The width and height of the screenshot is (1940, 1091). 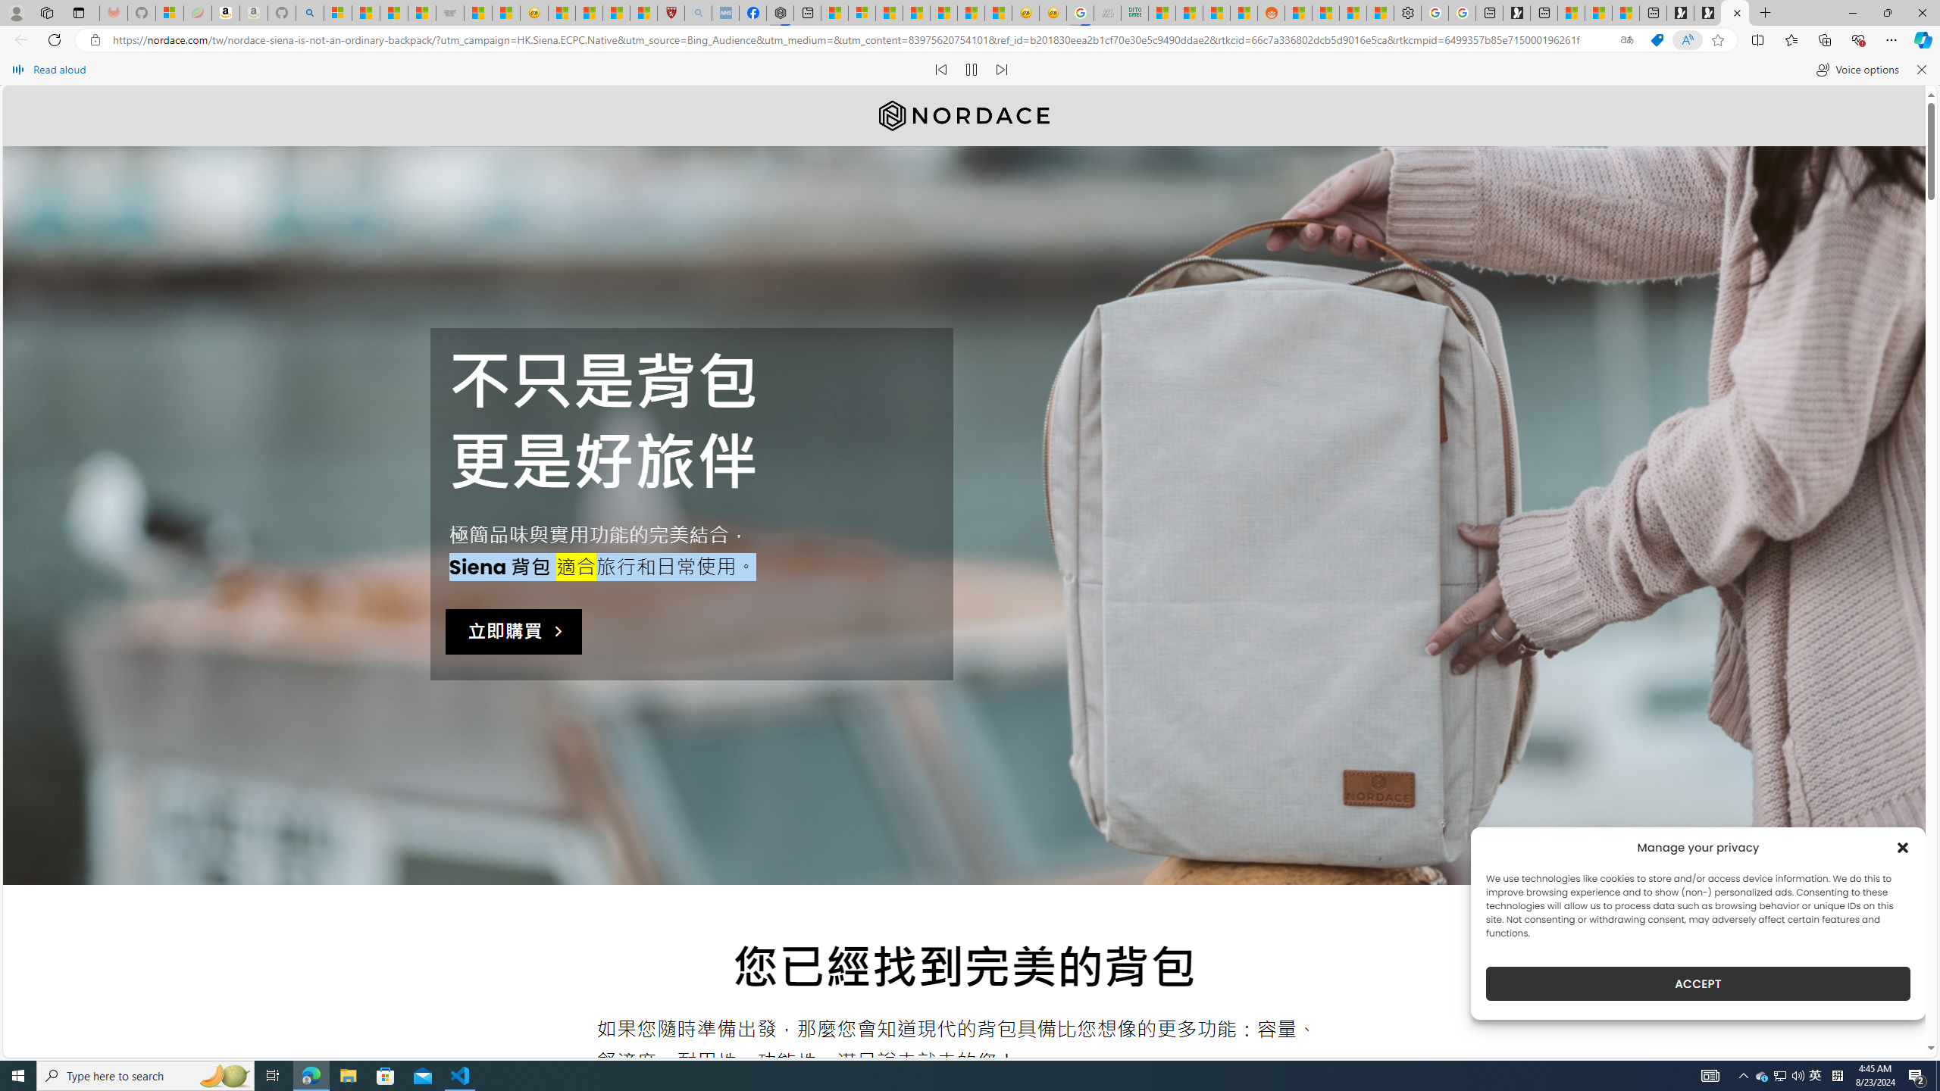 I want to click on 'Recipes - MSN', so click(x=562, y=12).